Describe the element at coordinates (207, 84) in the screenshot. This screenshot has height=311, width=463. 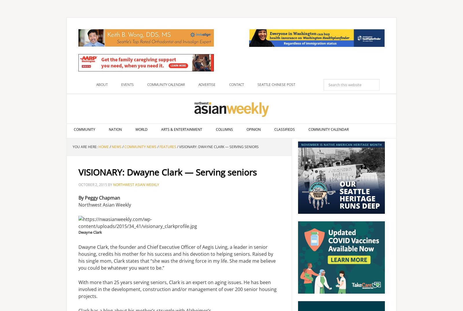
I see `'Advertise'` at that location.